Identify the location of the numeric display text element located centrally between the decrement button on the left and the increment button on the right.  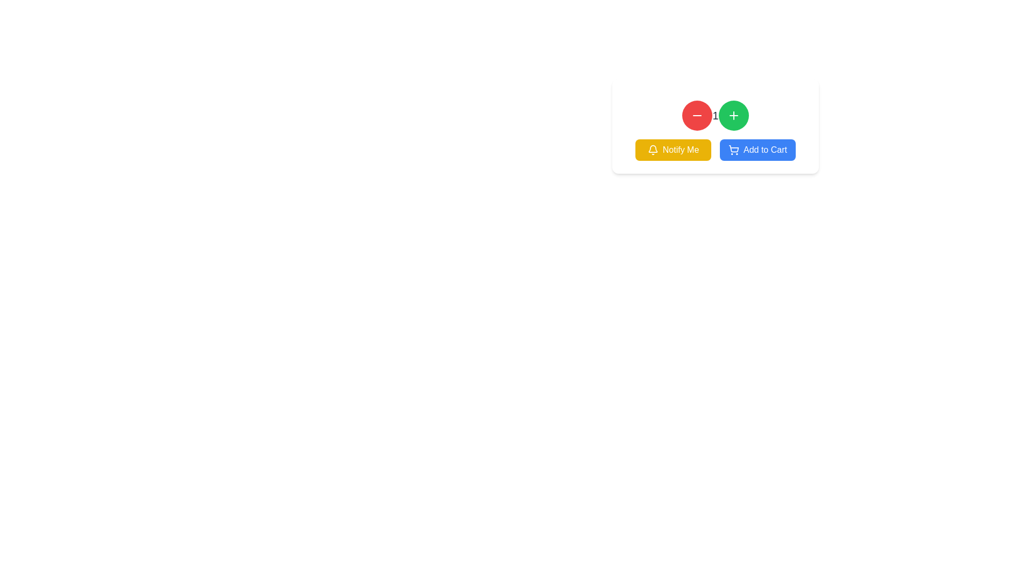
(715, 116).